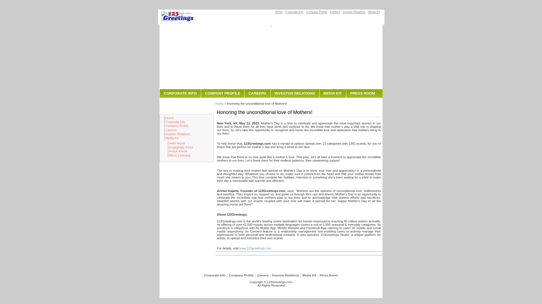  Describe the element at coordinates (317, 12) in the screenshot. I see `'Company Profile'` at that location.